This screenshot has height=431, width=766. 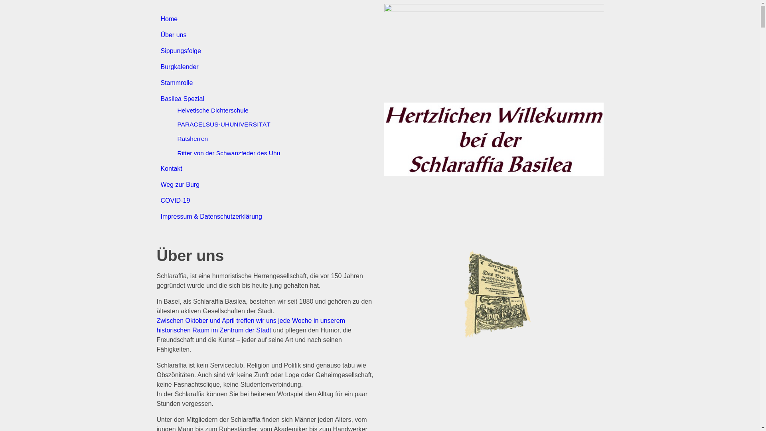 I want to click on 'Basilea Spezial', so click(x=160, y=98).